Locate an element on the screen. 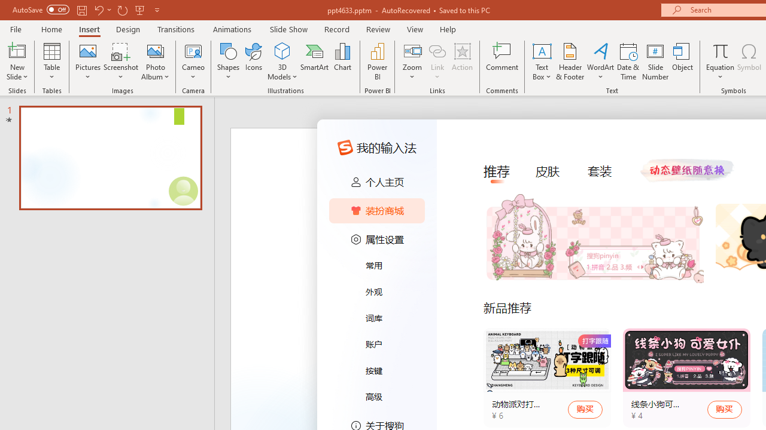 The width and height of the screenshot is (766, 430). 'Link' is located at coordinates (437, 50).